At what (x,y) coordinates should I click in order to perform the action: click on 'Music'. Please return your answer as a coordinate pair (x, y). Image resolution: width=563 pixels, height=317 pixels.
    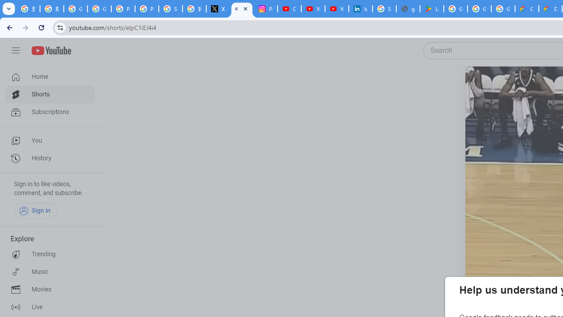
    Looking at the image, I should click on (49, 272).